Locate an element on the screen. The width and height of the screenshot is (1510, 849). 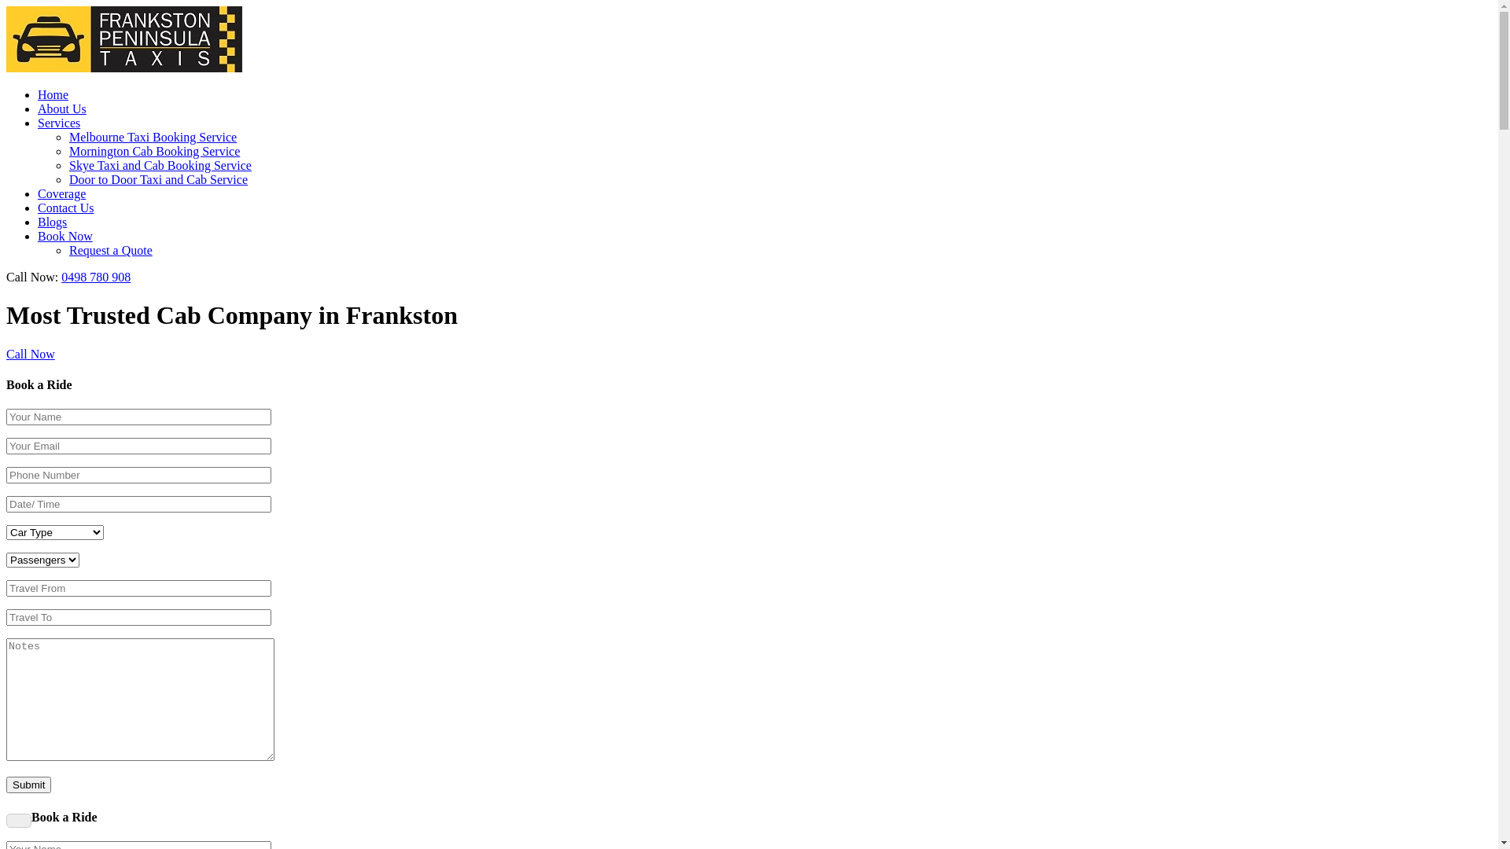
'0498 780 908' is located at coordinates (94, 276).